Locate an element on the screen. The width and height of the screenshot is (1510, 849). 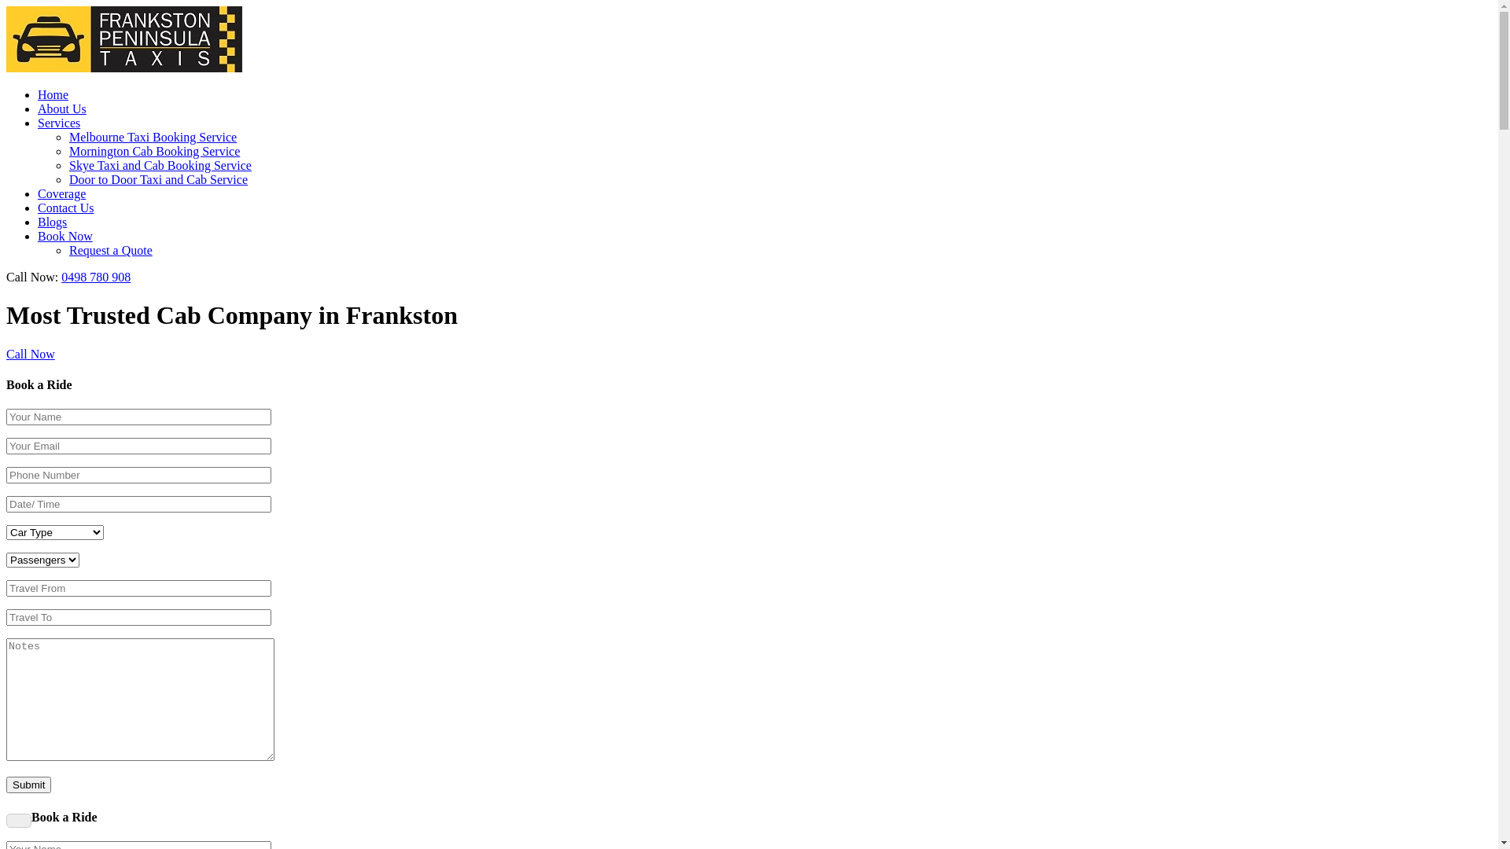
'0498 780 908' is located at coordinates (94, 276).